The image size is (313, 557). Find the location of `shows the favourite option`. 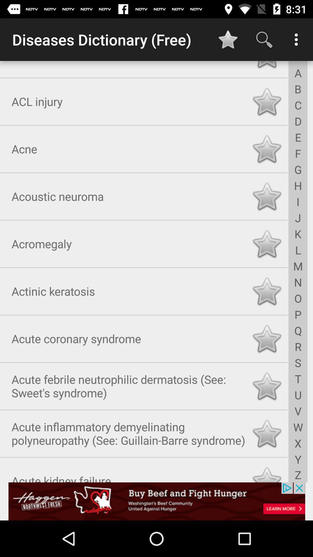

shows the favourite option is located at coordinates (267, 100).